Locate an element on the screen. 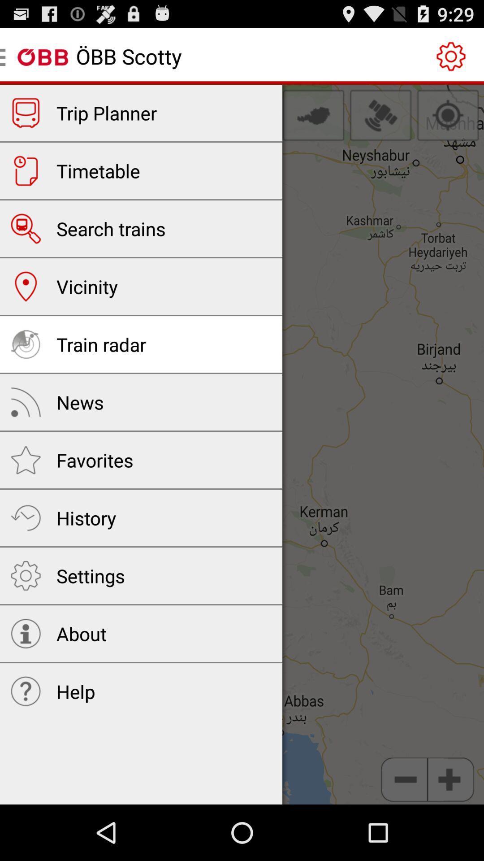  timetable app is located at coordinates (98, 170).